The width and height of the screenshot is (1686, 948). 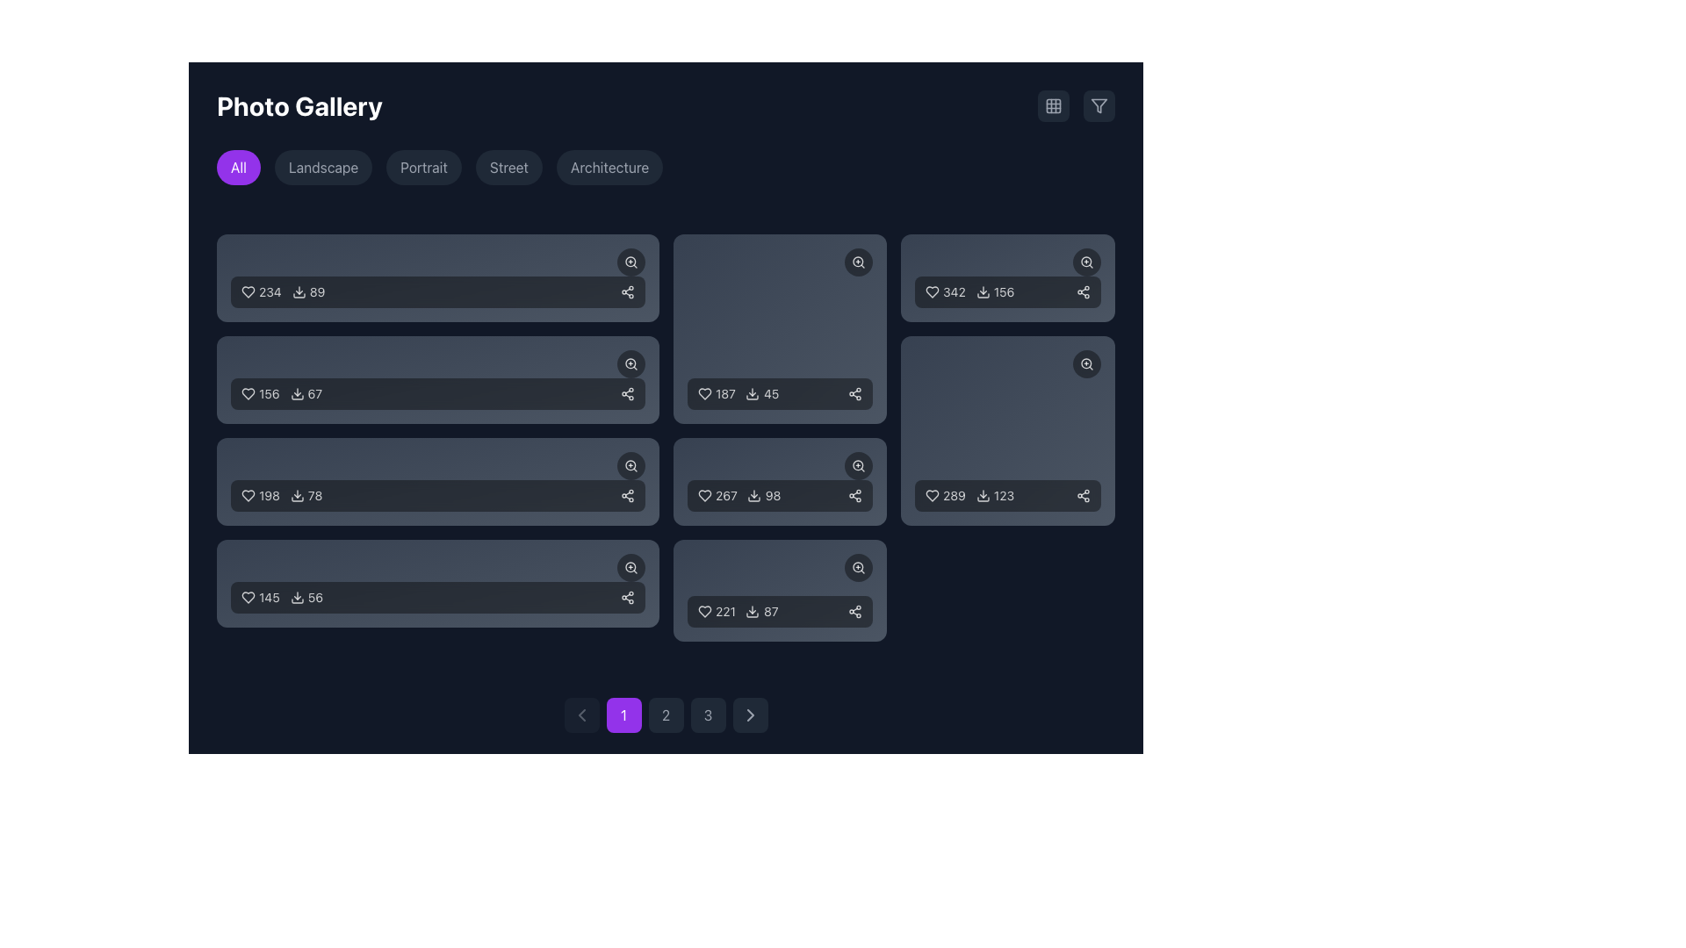 What do you see at coordinates (630, 568) in the screenshot?
I see `the magnifying glass icon button with a '+' sign at its center to zoom in, located in the bottom row of the grid layout within the gray button area` at bounding box center [630, 568].